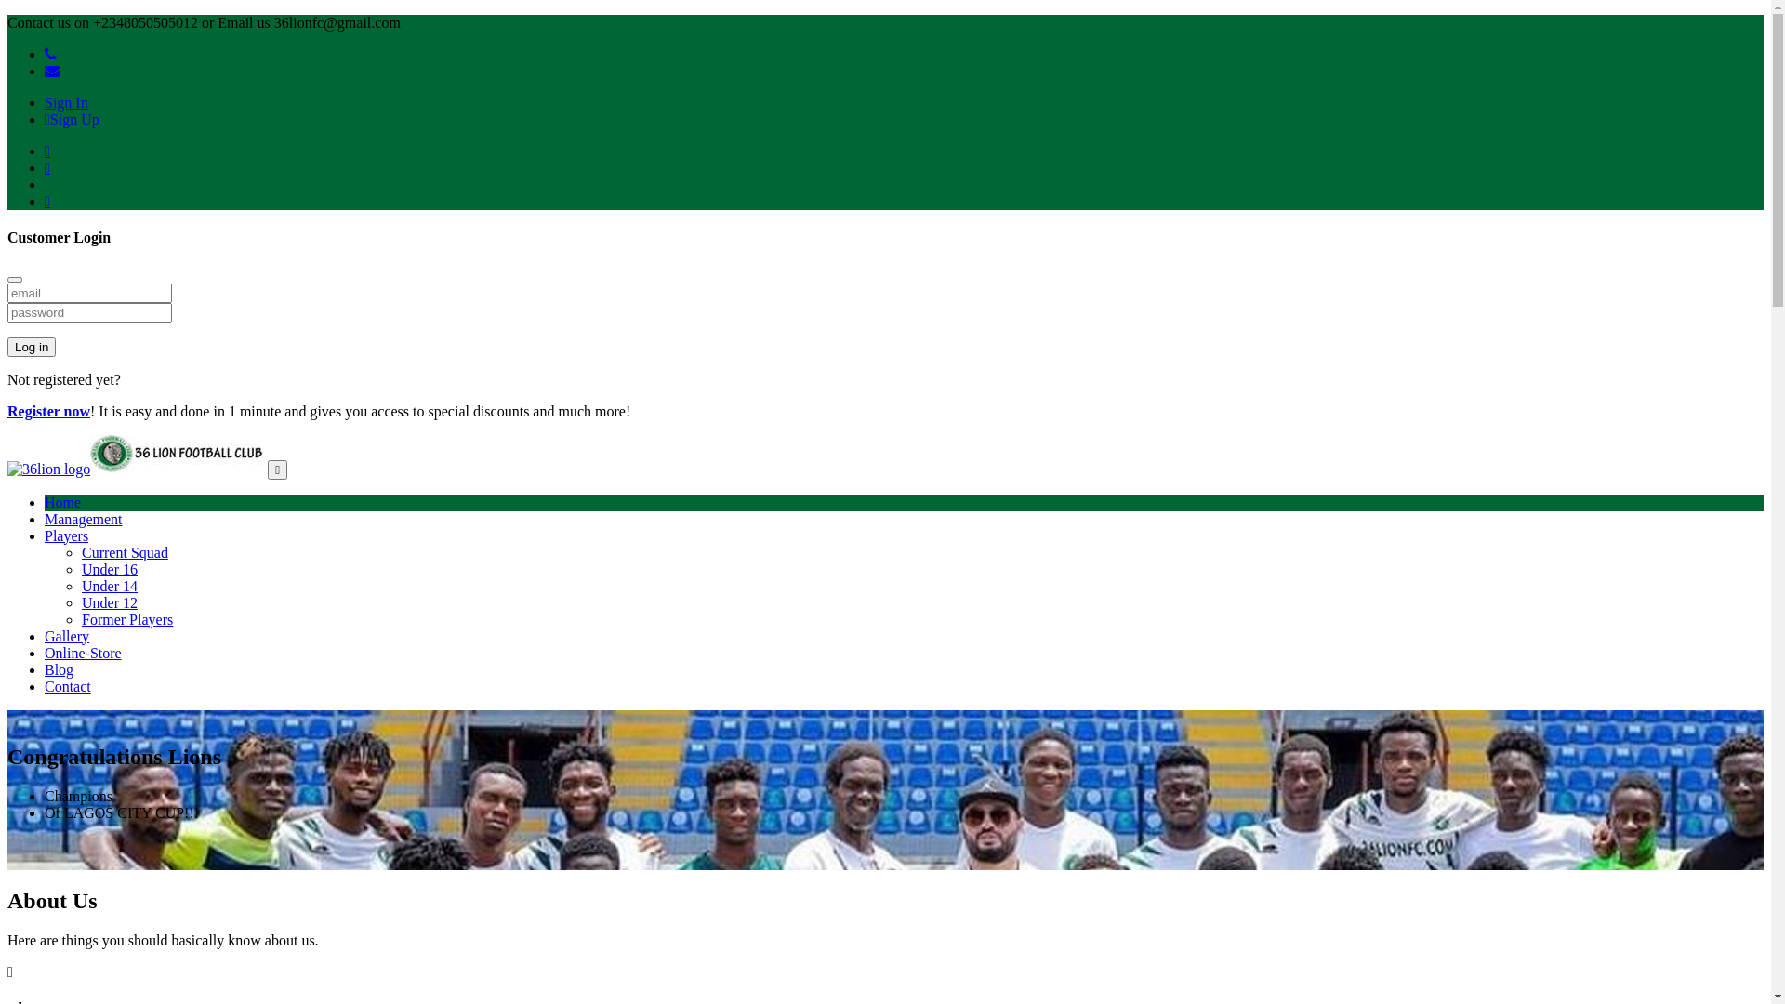 The height and width of the screenshot is (1004, 1785). Describe the element at coordinates (45, 686) in the screenshot. I see `'Contact'` at that location.